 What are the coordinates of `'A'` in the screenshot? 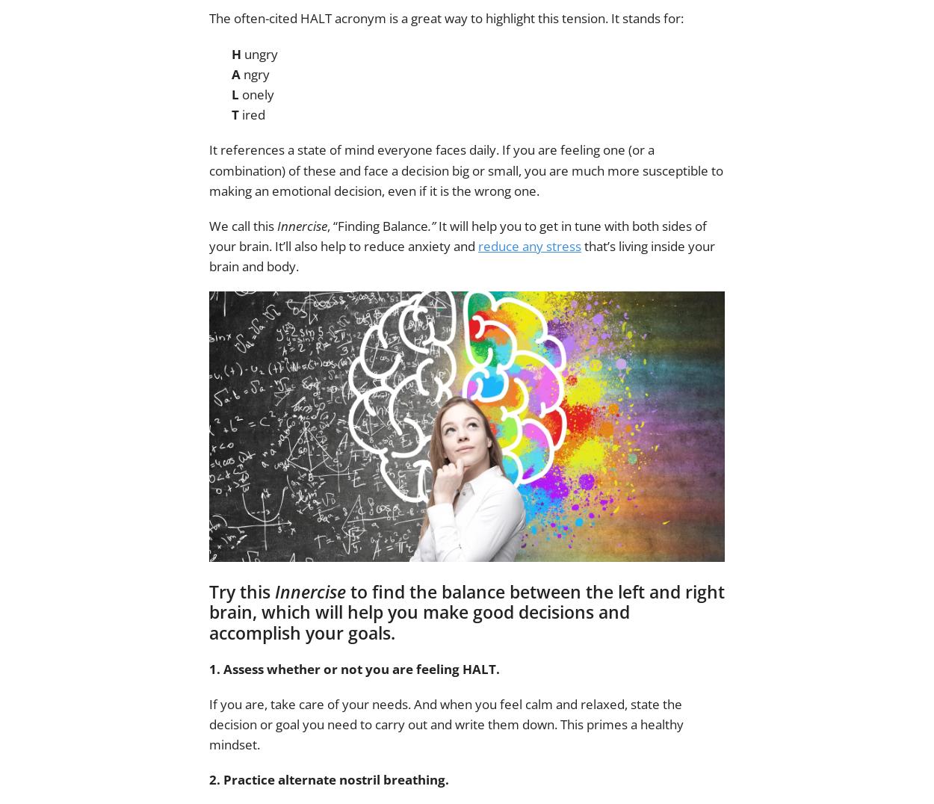 It's located at (235, 72).